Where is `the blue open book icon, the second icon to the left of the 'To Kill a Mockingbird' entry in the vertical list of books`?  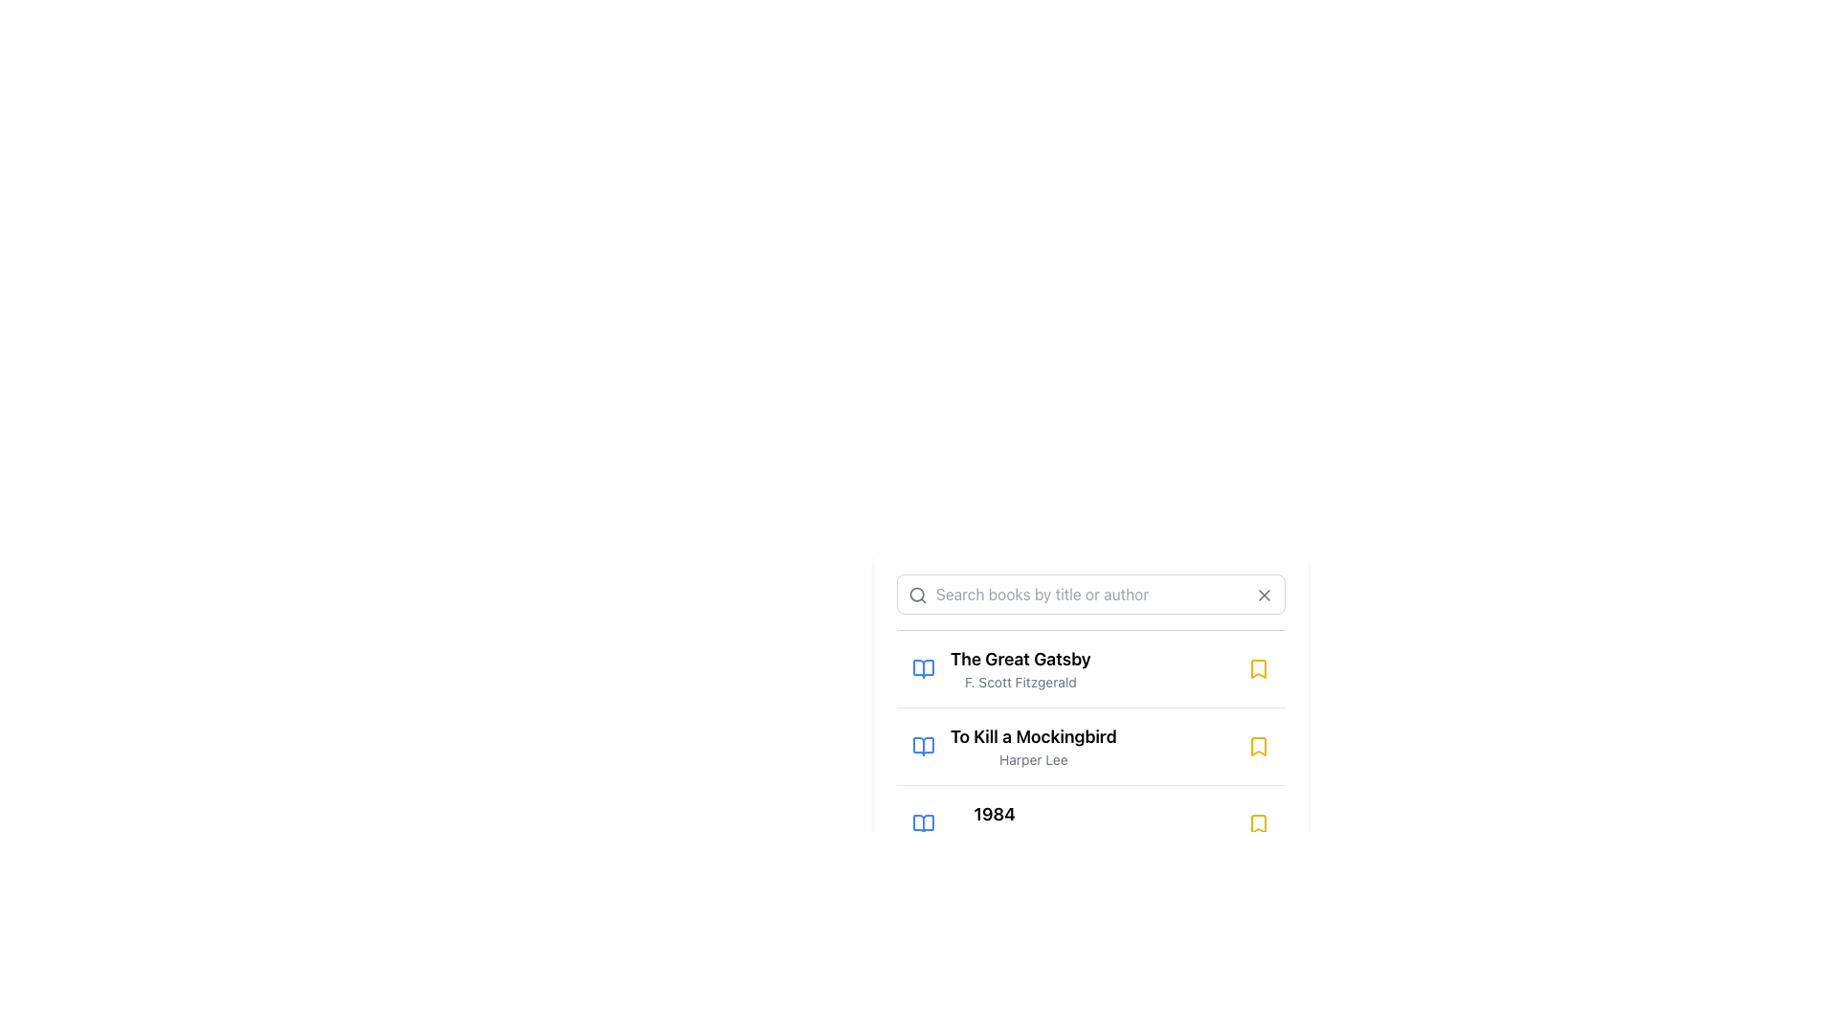 the blue open book icon, the second icon to the left of the 'To Kill a Mockingbird' entry in the vertical list of books is located at coordinates (923, 745).